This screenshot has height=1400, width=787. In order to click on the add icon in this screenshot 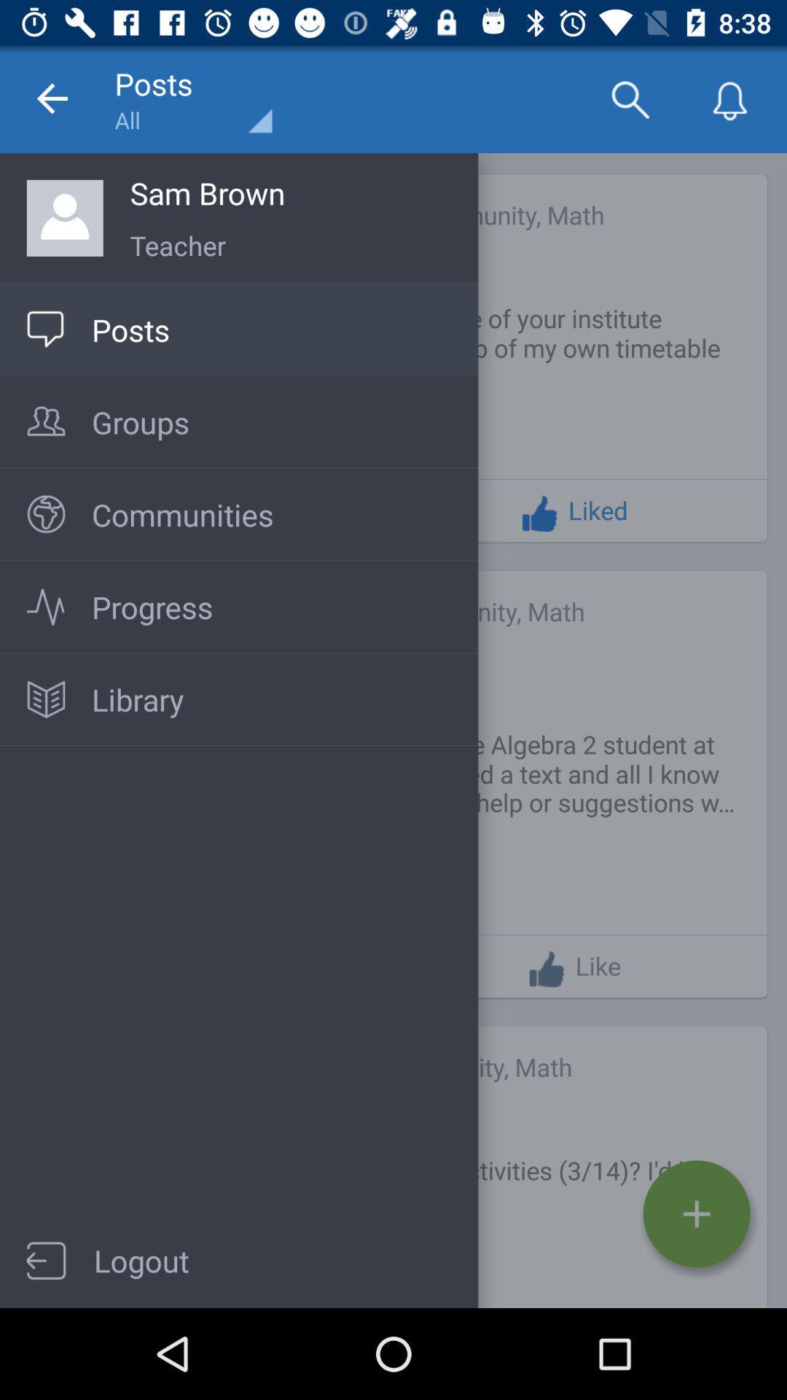, I will do `click(696, 1214)`.